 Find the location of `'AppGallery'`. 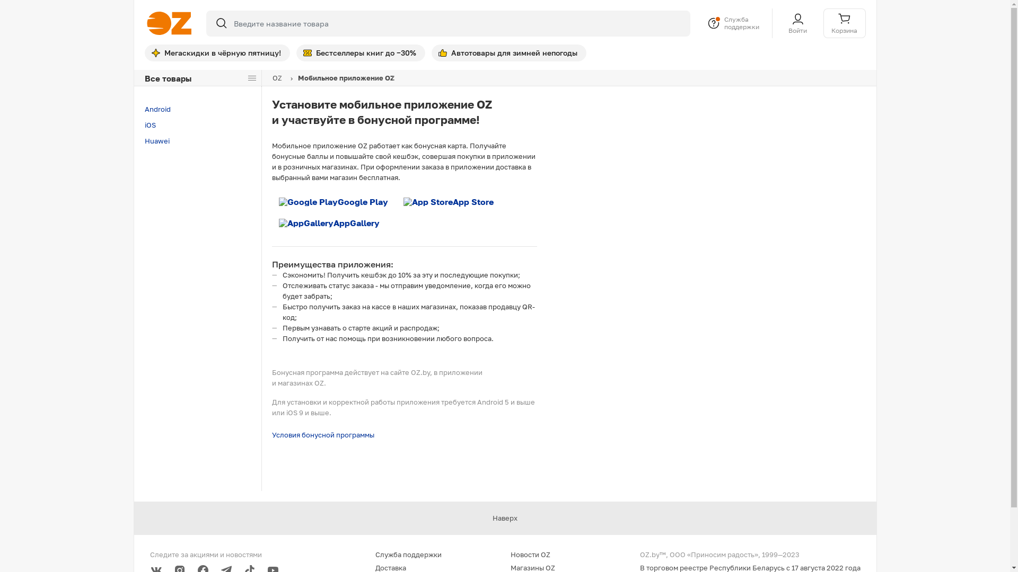

'AppGallery' is located at coordinates (328, 222).